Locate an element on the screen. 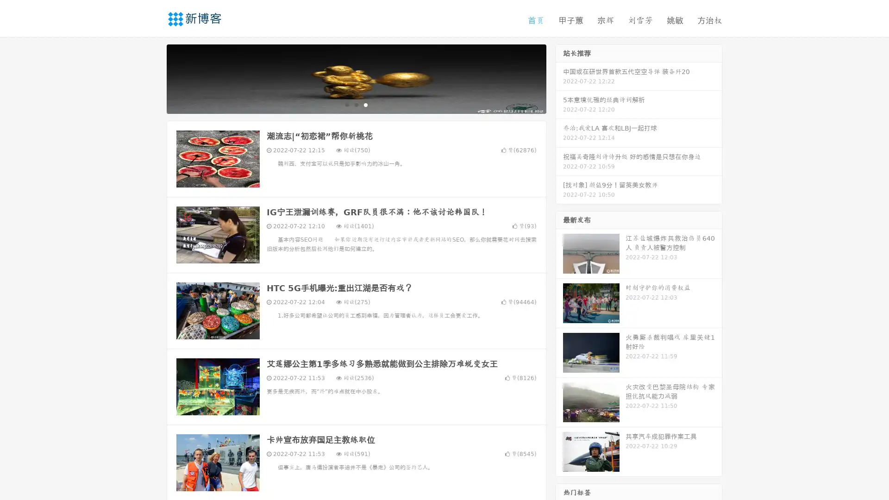  Go to slide 3 is located at coordinates (365, 104).